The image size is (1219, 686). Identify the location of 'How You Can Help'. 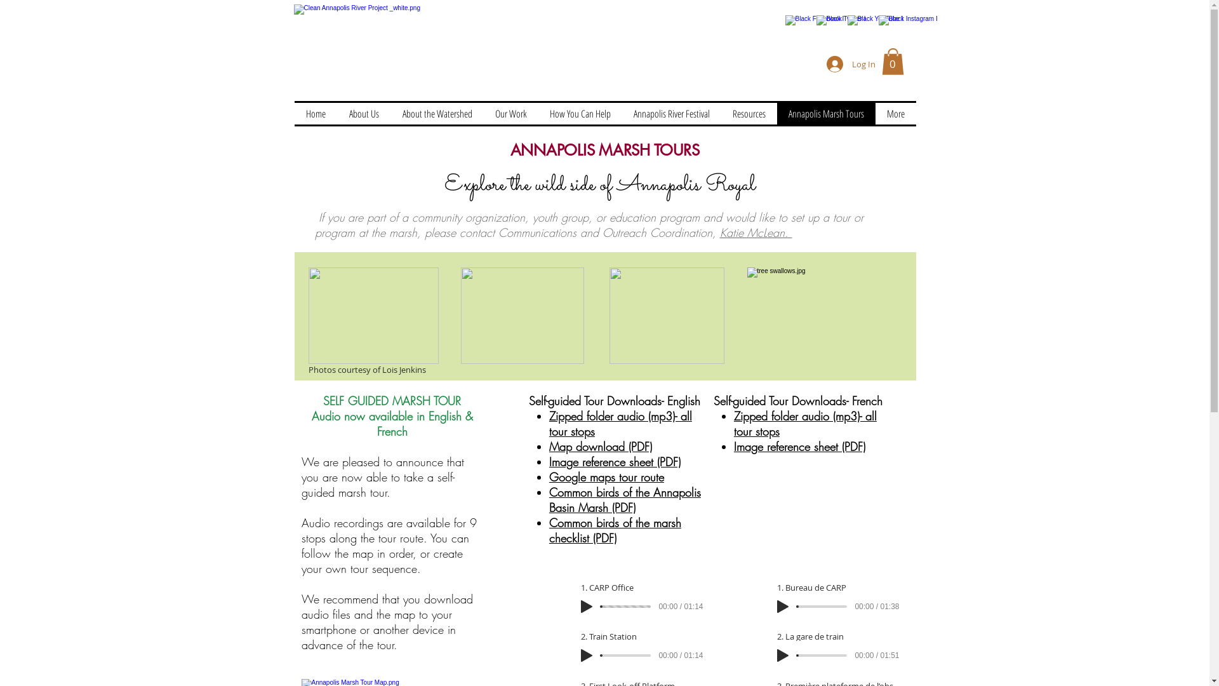
(538, 112).